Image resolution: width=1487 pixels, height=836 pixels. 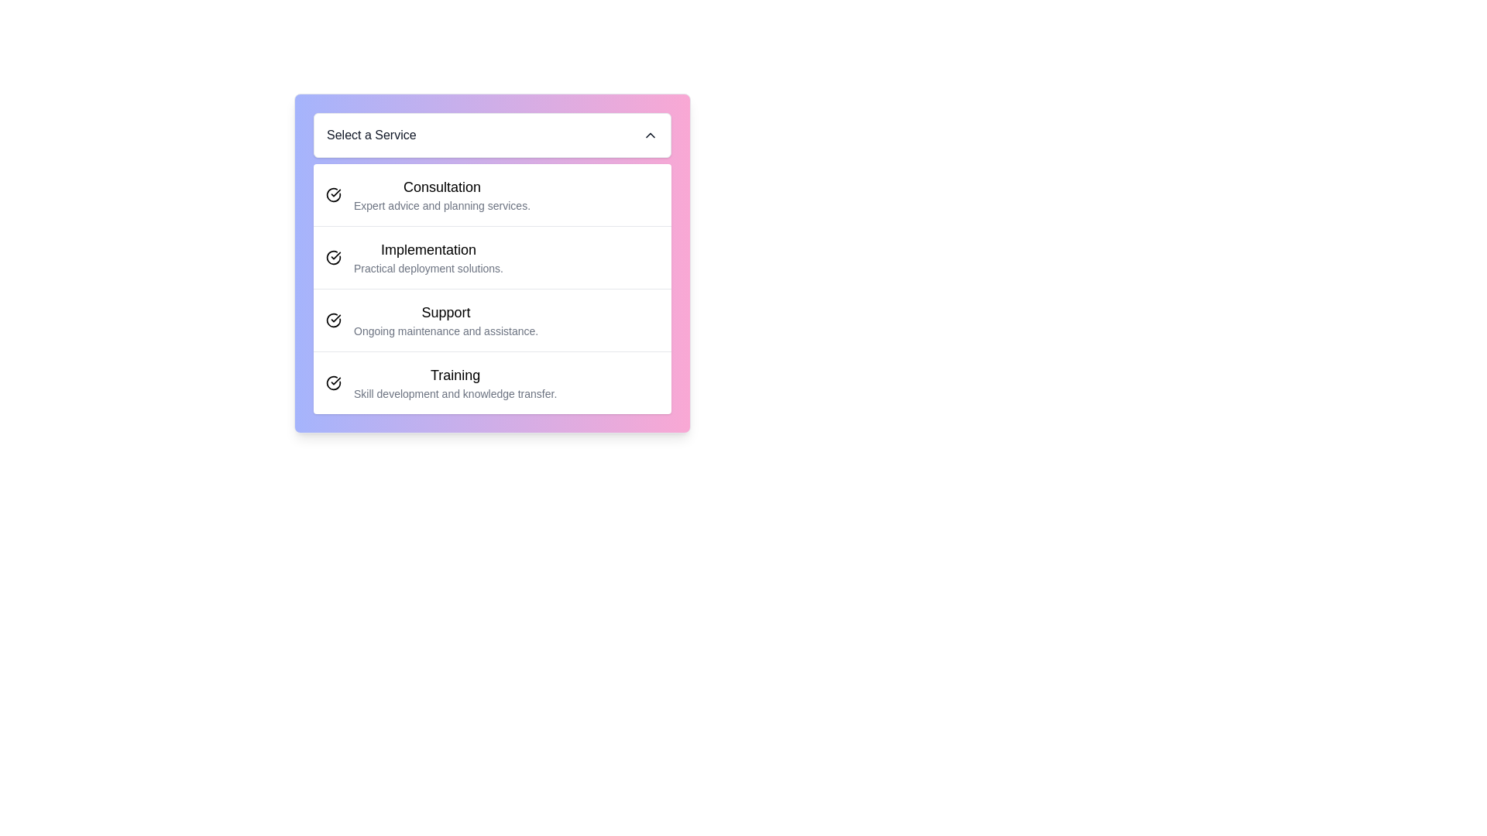 I want to click on text displayed in the textual component titled 'Consultation', which includes the subtitle 'Expert advice and planning services.', so click(x=441, y=194).